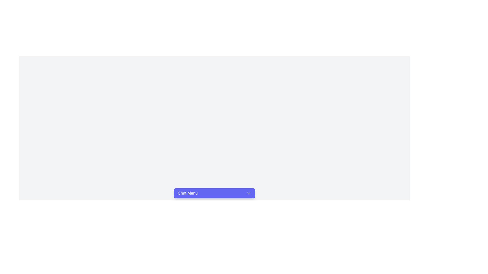  I want to click on the 'Chat Menu' button with a blue background and white text, so click(214, 193).